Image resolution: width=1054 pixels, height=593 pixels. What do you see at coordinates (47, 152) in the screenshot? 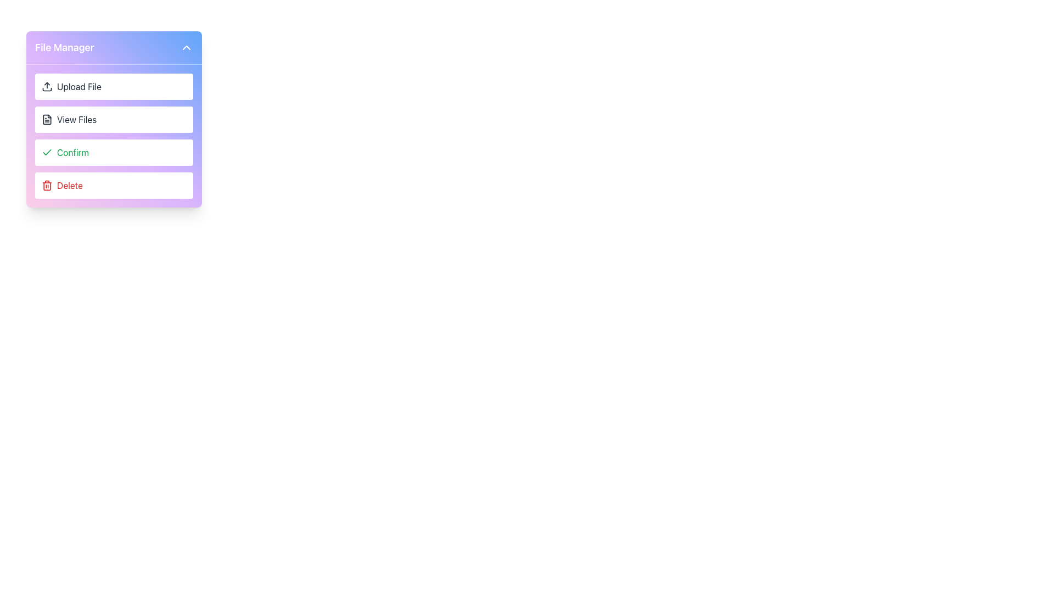
I see `the checkmark icon located to the left of the 'Confirm' option in the 'File Manager' menu, positioned within the third menu item` at bounding box center [47, 152].